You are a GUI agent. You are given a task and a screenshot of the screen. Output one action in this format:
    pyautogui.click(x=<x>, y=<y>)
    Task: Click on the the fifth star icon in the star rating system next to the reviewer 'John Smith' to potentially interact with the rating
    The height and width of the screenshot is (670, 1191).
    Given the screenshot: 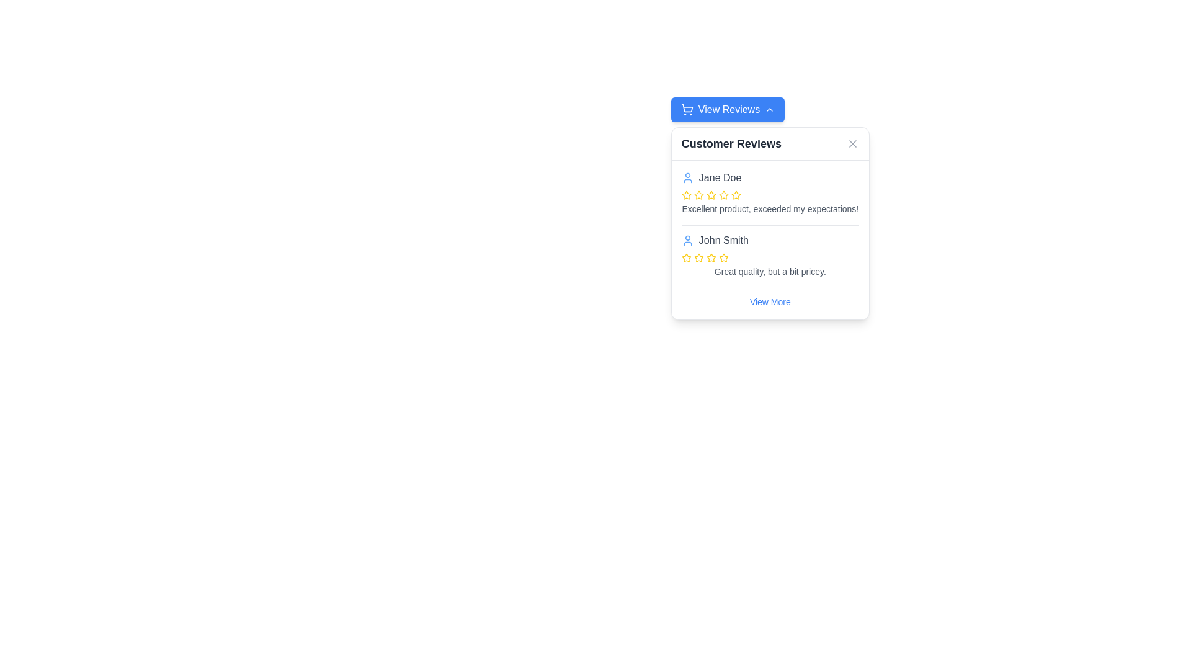 What is the action you would take?
    pyautogui.click(x=711, y=257)
    